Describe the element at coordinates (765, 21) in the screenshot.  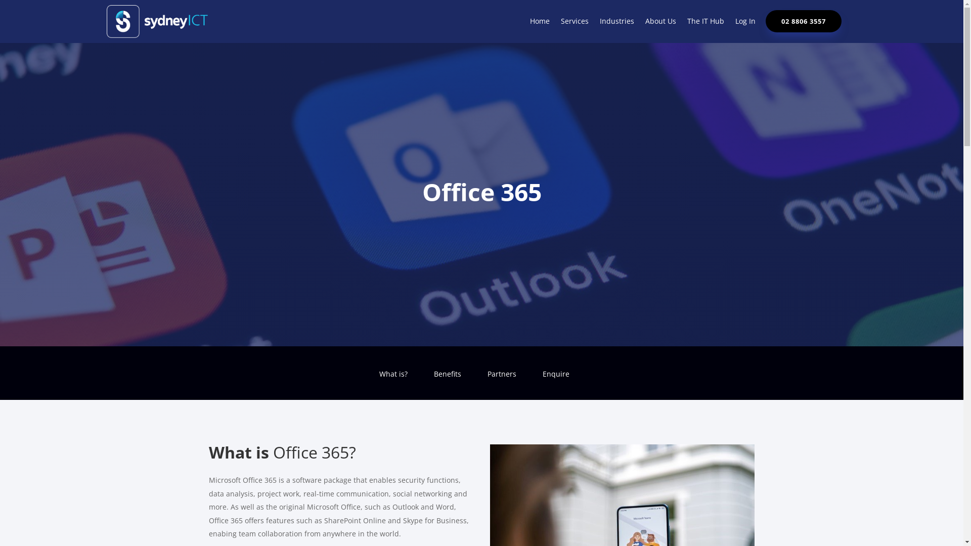
I see `'02 8806 3557'` at that location.